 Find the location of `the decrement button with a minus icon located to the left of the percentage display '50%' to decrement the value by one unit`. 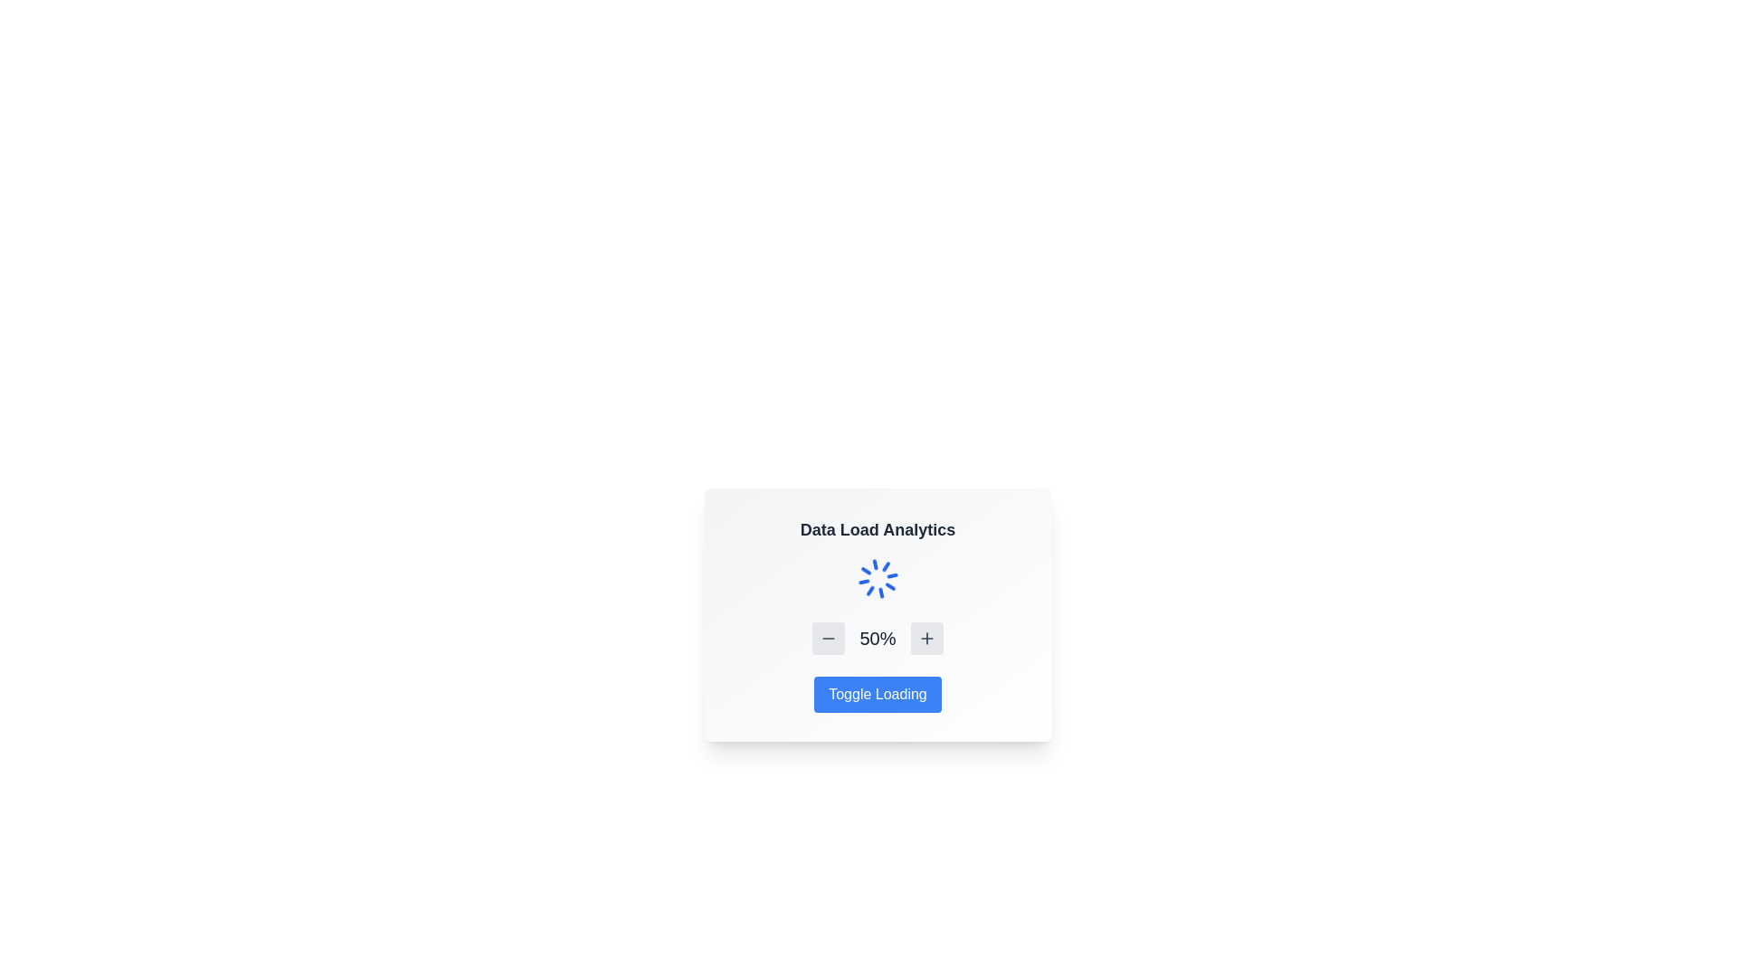

the decrement button with a minus icon located to the left of the percentage display '50%' to decrement the value by one unit is located at coordinates (828, 637).